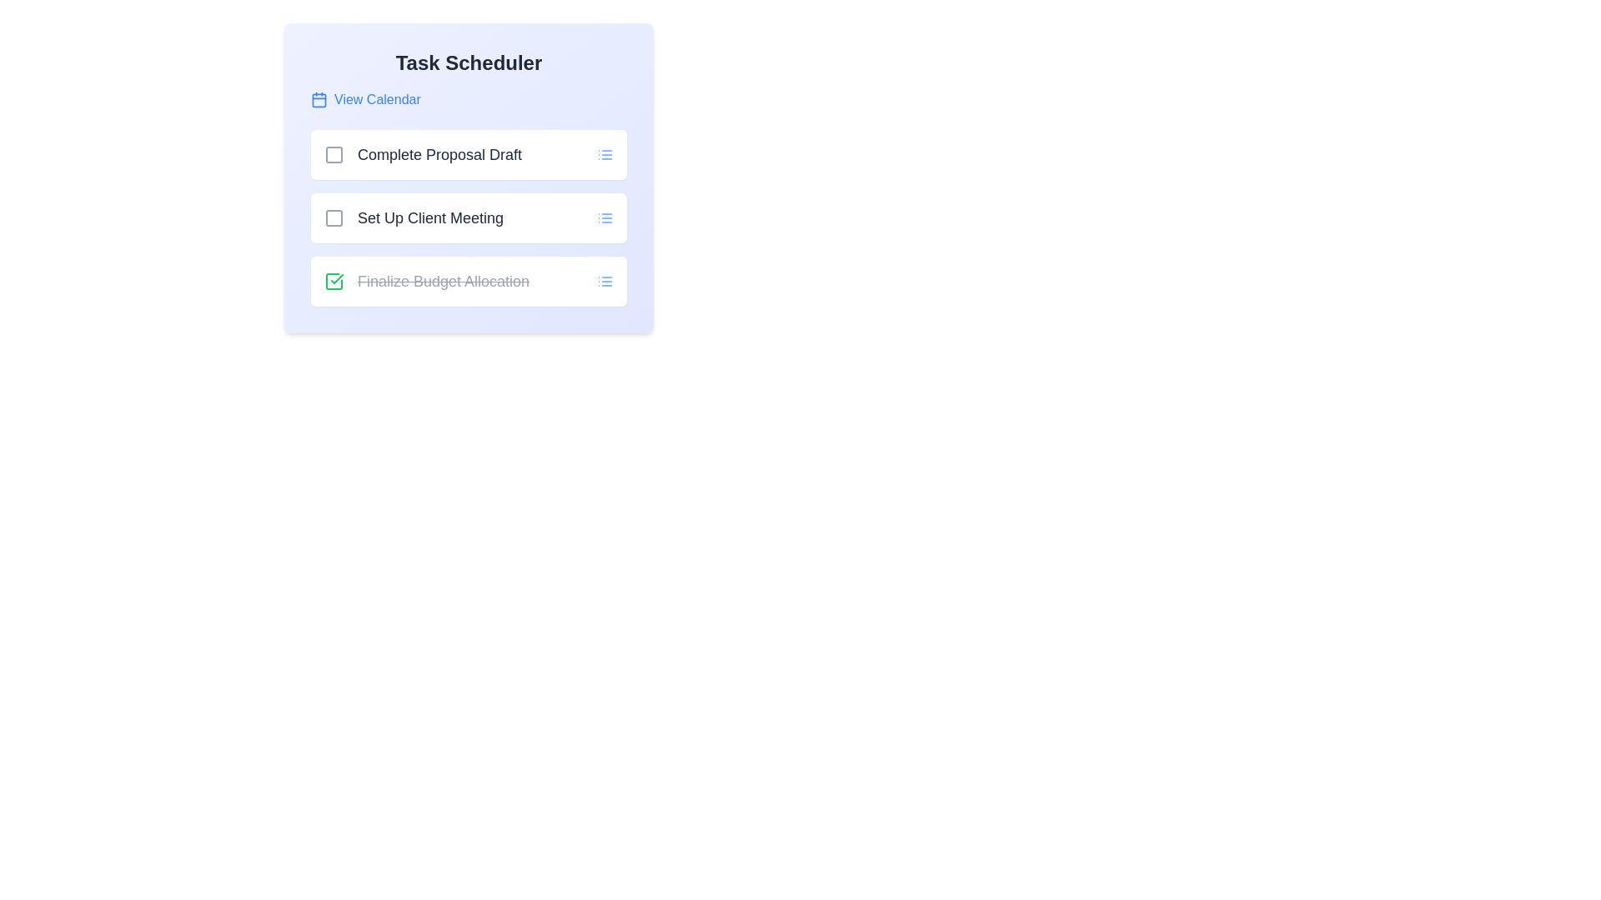 Image resolution: width=1601 pixels, height=900 pixels. What do you see at coordinates (604, 281) in the screenshot?
I see `the 'More Options' icon for the task 'Finalize Budget Allocation'` at bounding box center [604, 281].